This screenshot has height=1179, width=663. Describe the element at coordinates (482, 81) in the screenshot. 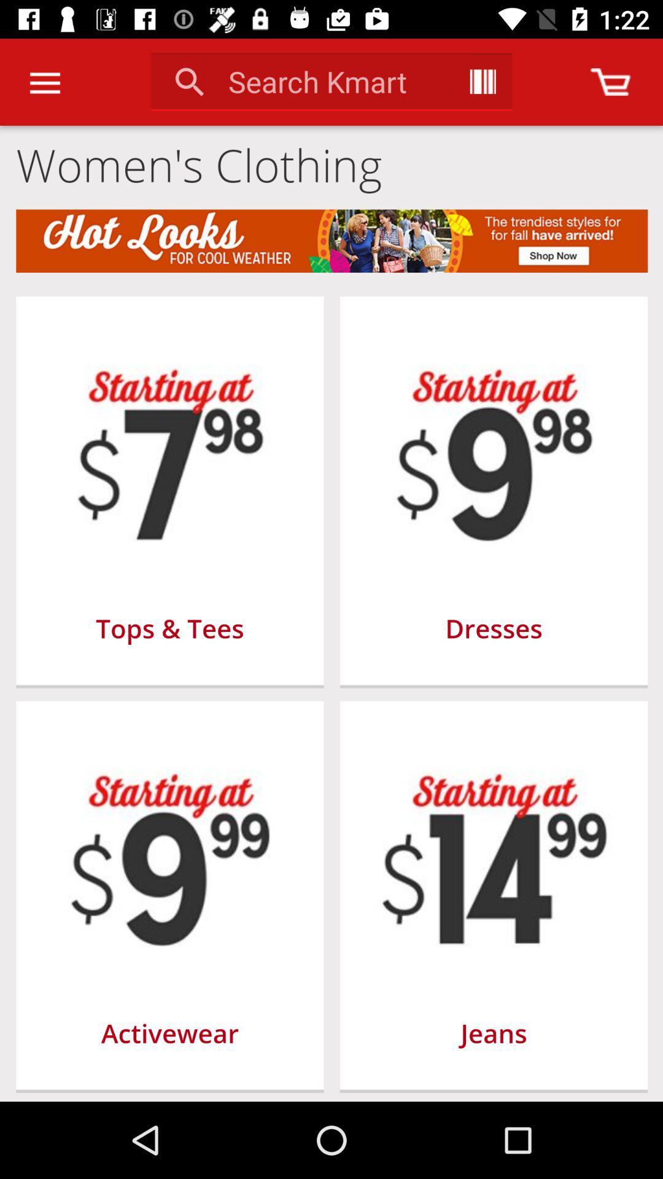

I see `information gallery` at that location.